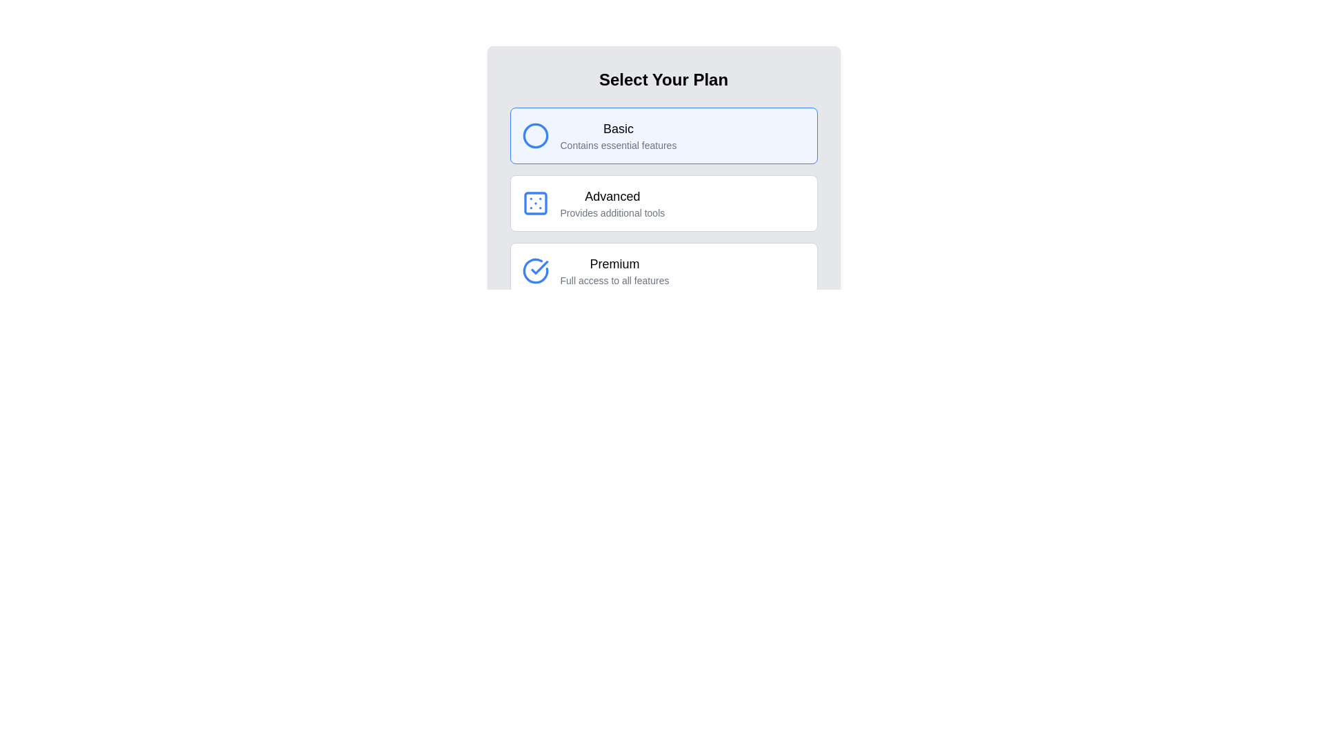 The width and height of the screenshot is (1324, 745). What do you see at coordinates (614, 280) in the screenshot?
I see `the text label that reads 'Full access to all features', located beneath the 'Premium' label in the plan selection interface` at bounding box center [614, 280].